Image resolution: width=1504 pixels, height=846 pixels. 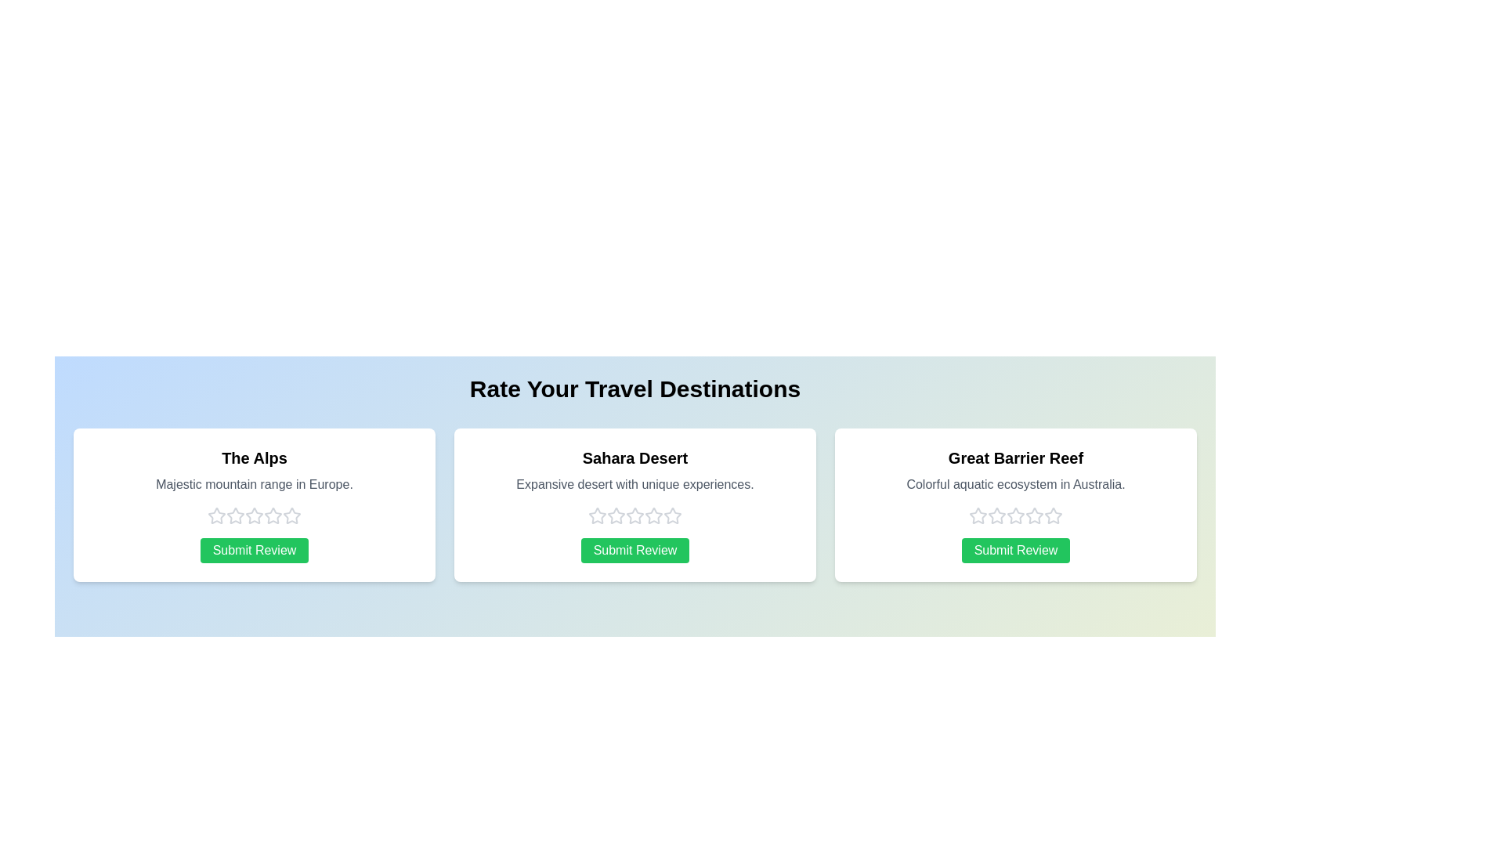 What do you see at coordinates (1015, 483) in the screenshot?
I see `the description of Great Barrier Reef` at bounding box center [1015, 483].